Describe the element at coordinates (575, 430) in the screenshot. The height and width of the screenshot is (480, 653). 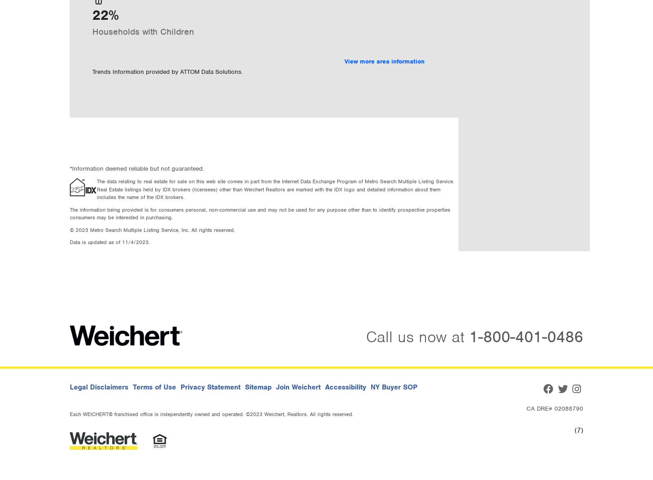
I see `'(7)'` at that location.